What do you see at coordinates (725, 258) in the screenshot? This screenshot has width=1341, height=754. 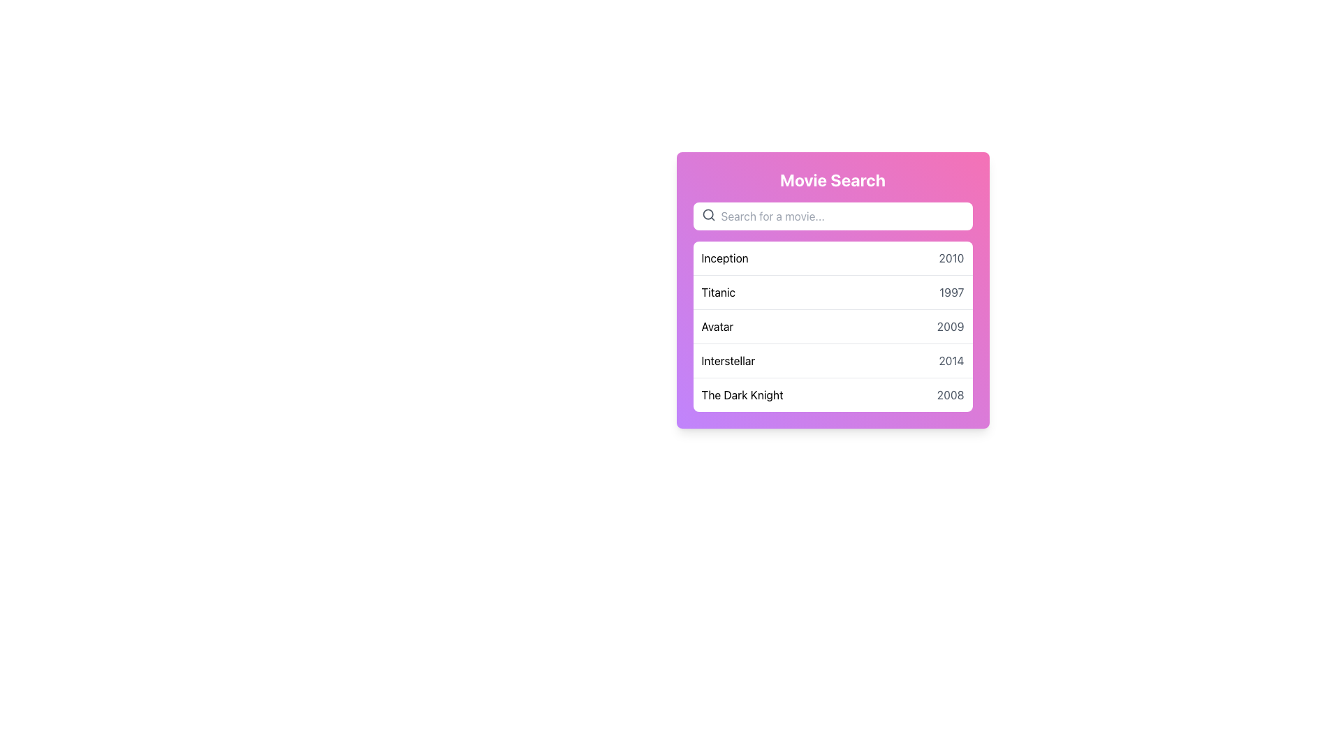 I see `the text label displaying 'Inception' in a bold font, which is the first item in a vertical list within a card layout` at bounding box center [725, 258].